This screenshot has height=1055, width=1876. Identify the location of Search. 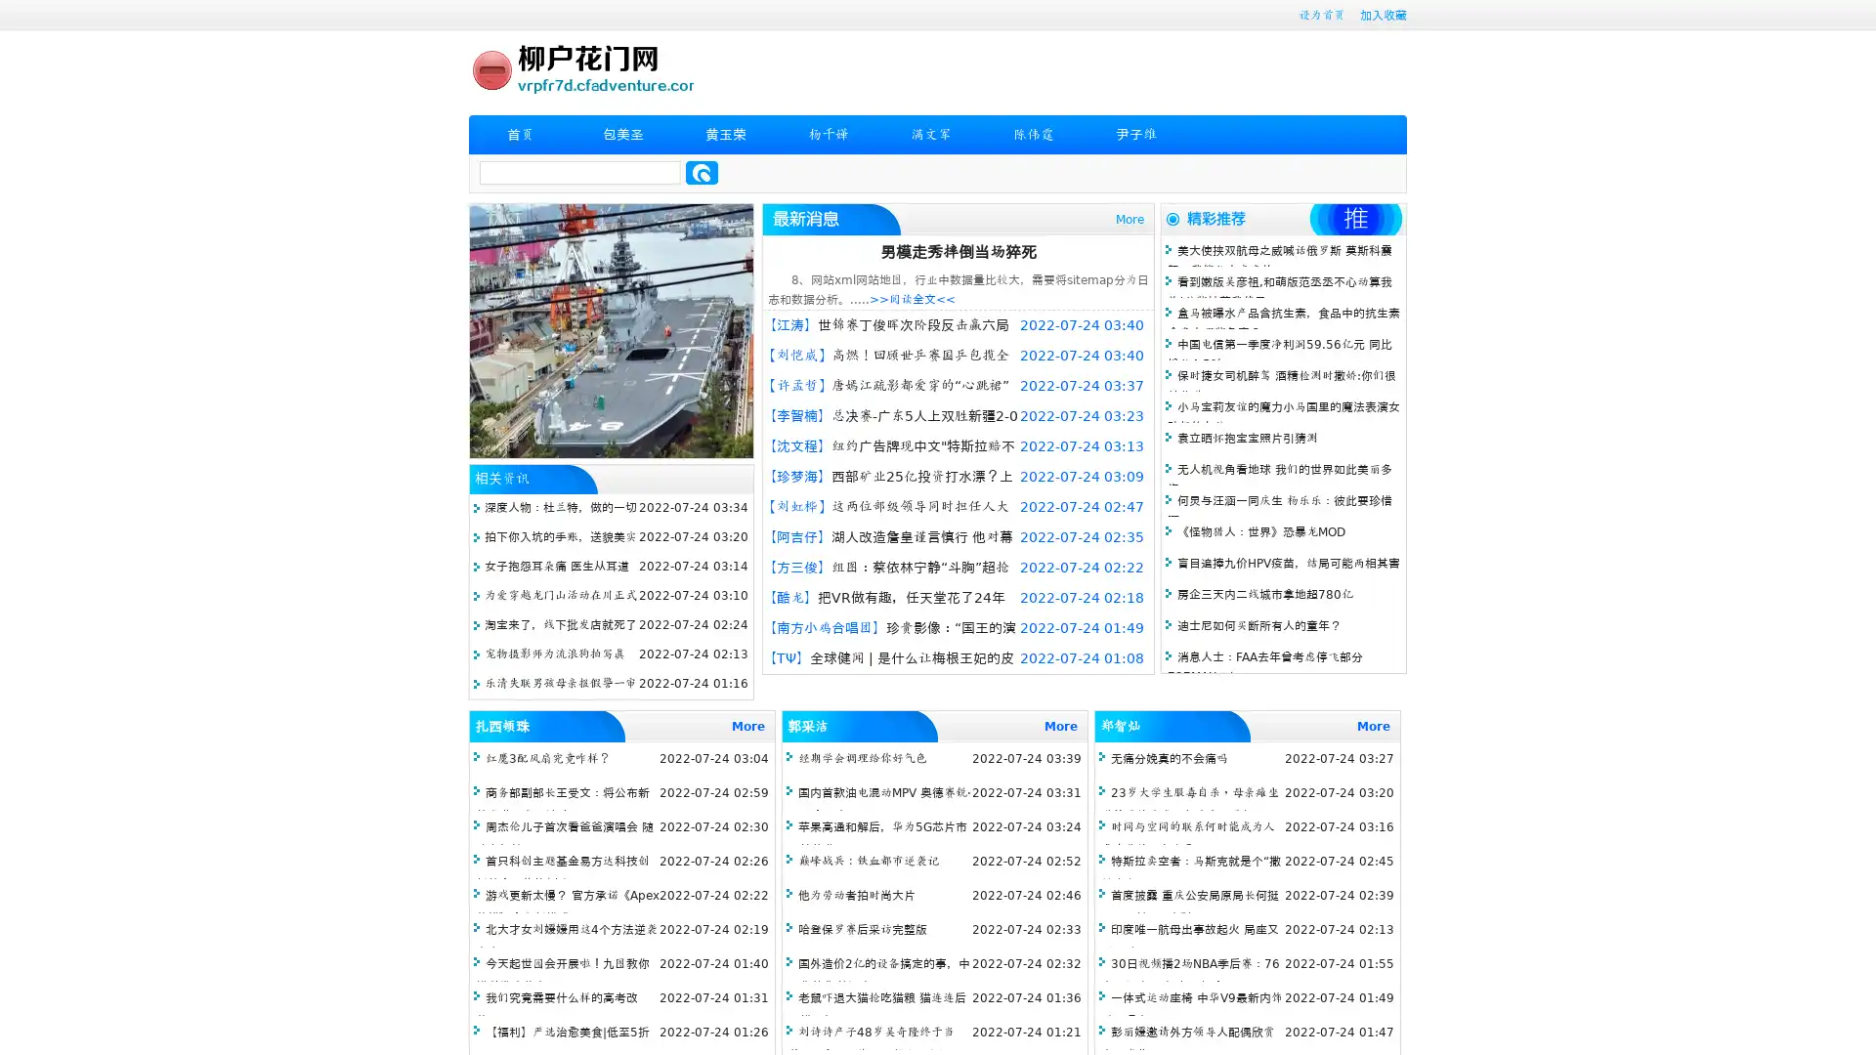
(702, 172).